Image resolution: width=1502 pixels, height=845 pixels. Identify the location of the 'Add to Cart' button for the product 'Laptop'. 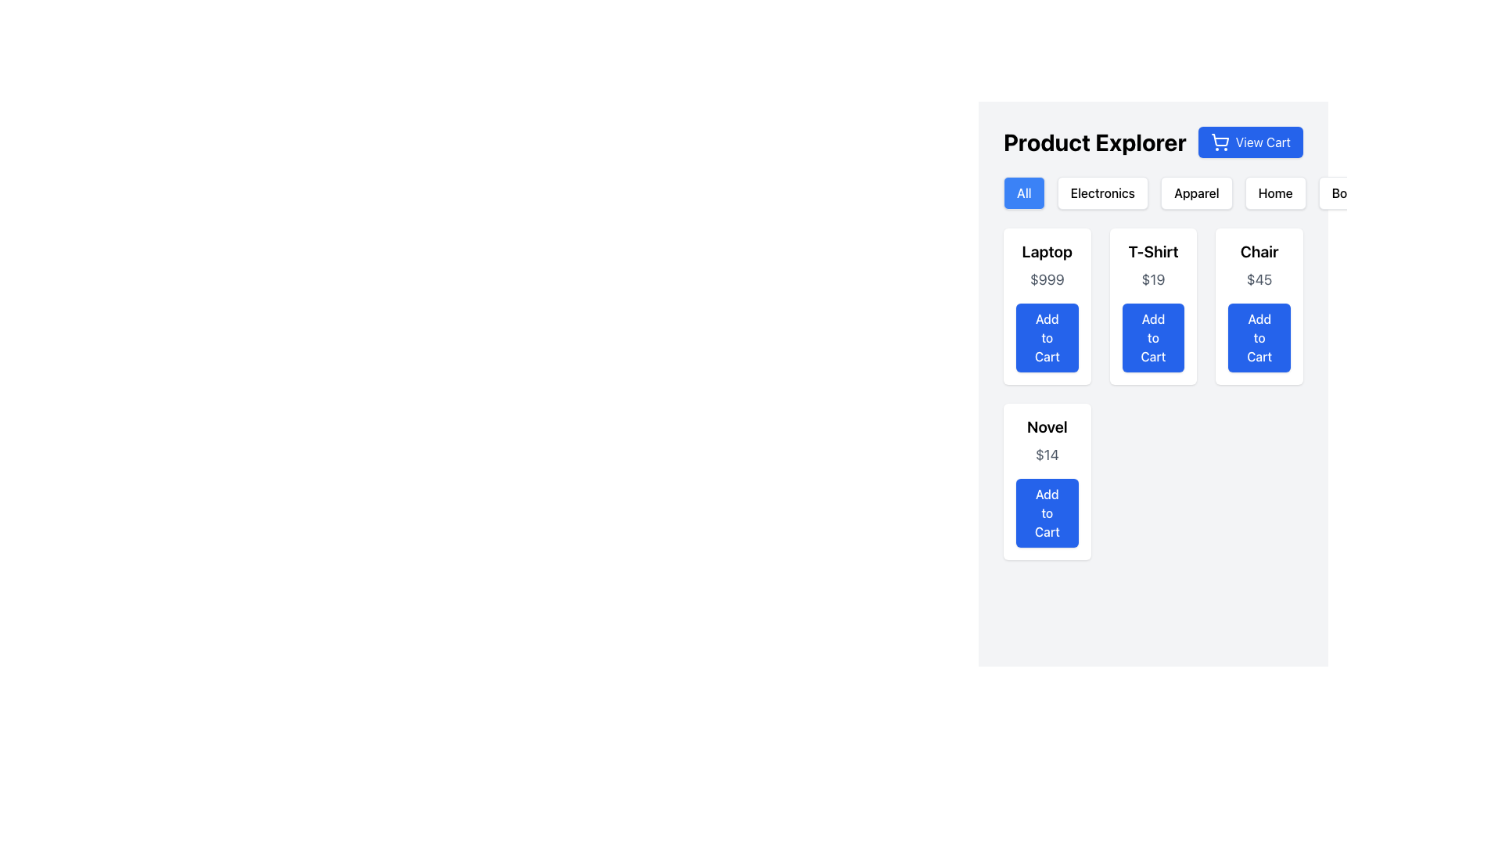
(1047, 337).